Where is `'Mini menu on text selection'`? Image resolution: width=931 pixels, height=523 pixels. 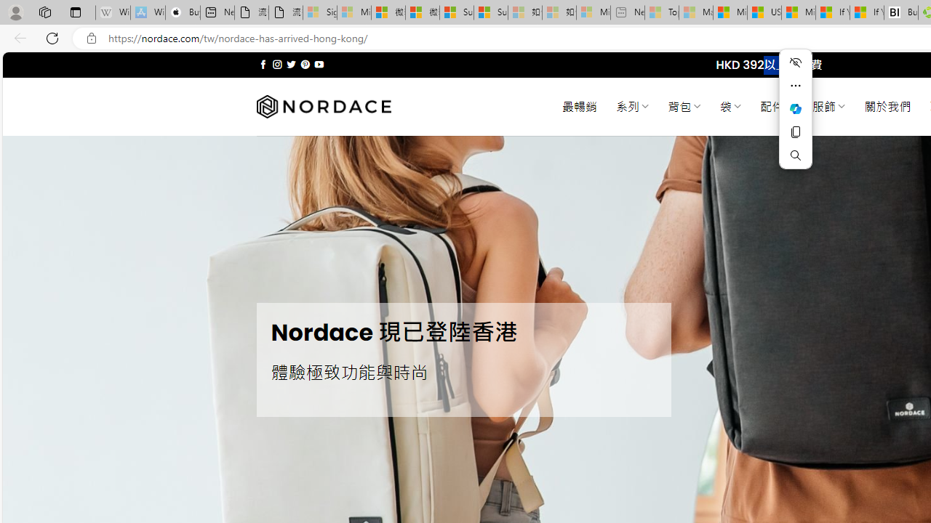
'Mini menu on text selection' is located at coordinates (795, 117).